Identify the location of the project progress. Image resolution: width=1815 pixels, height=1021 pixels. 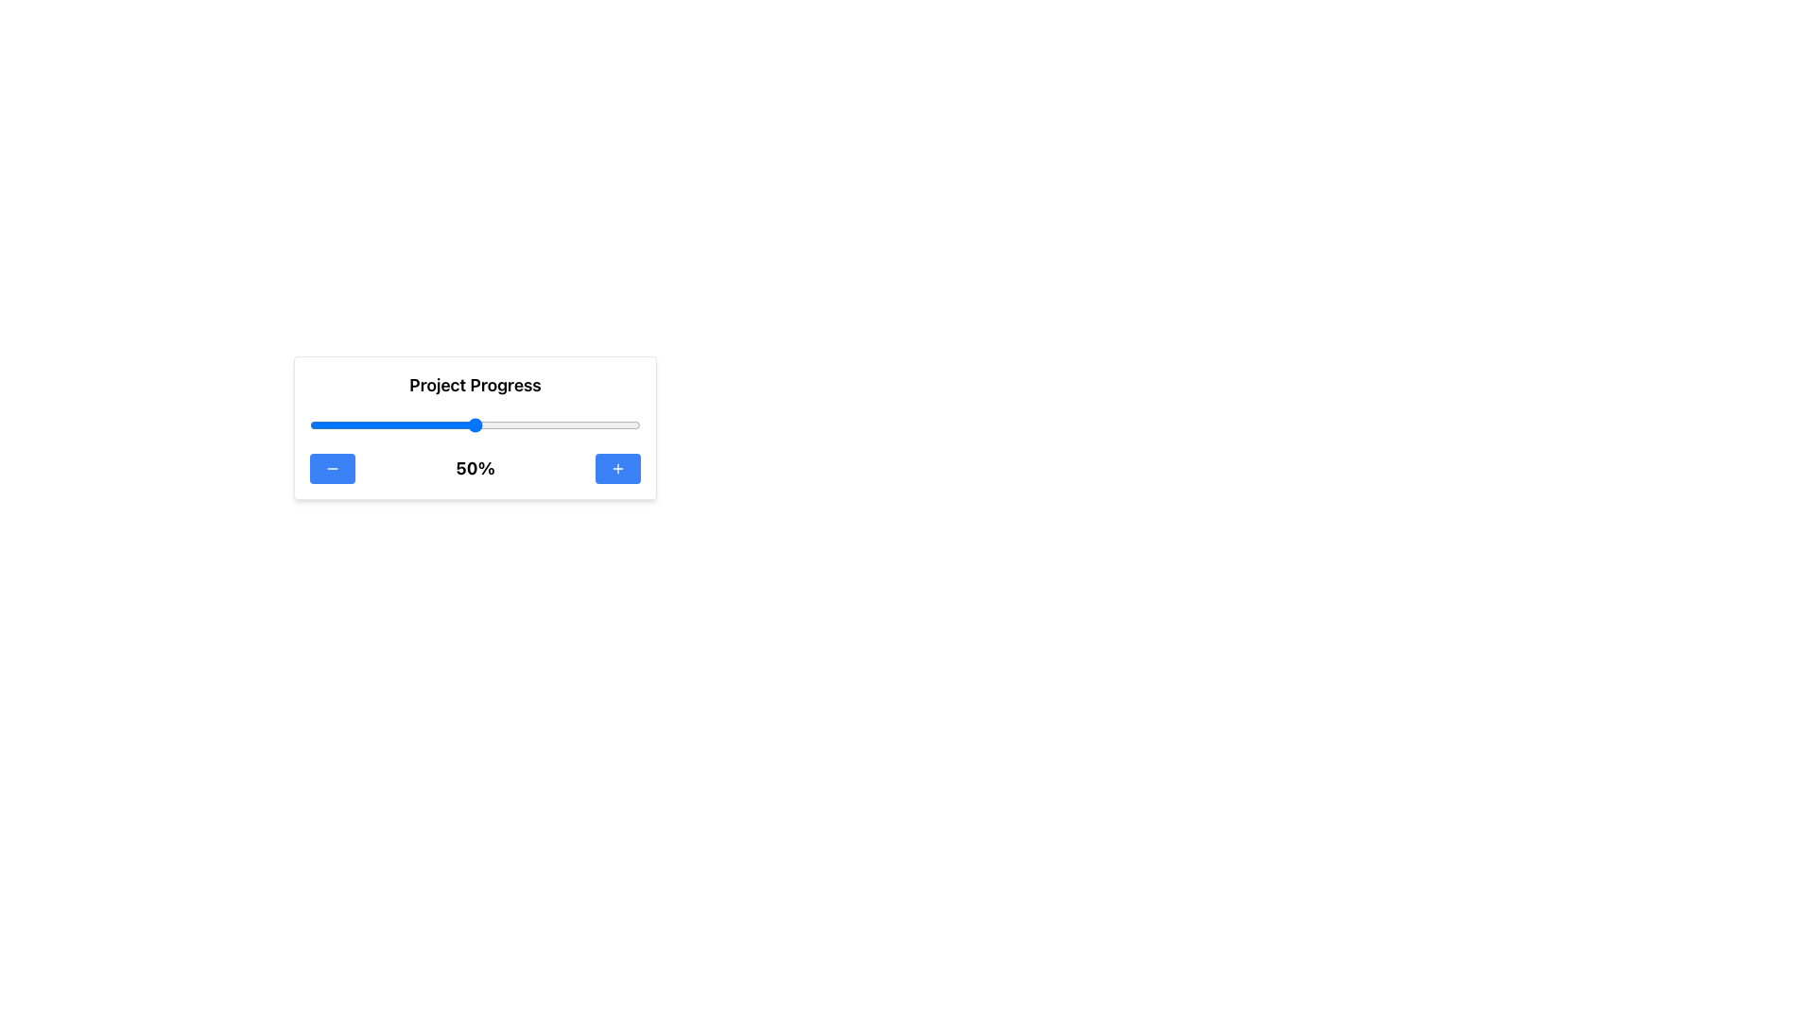
(481, 425).